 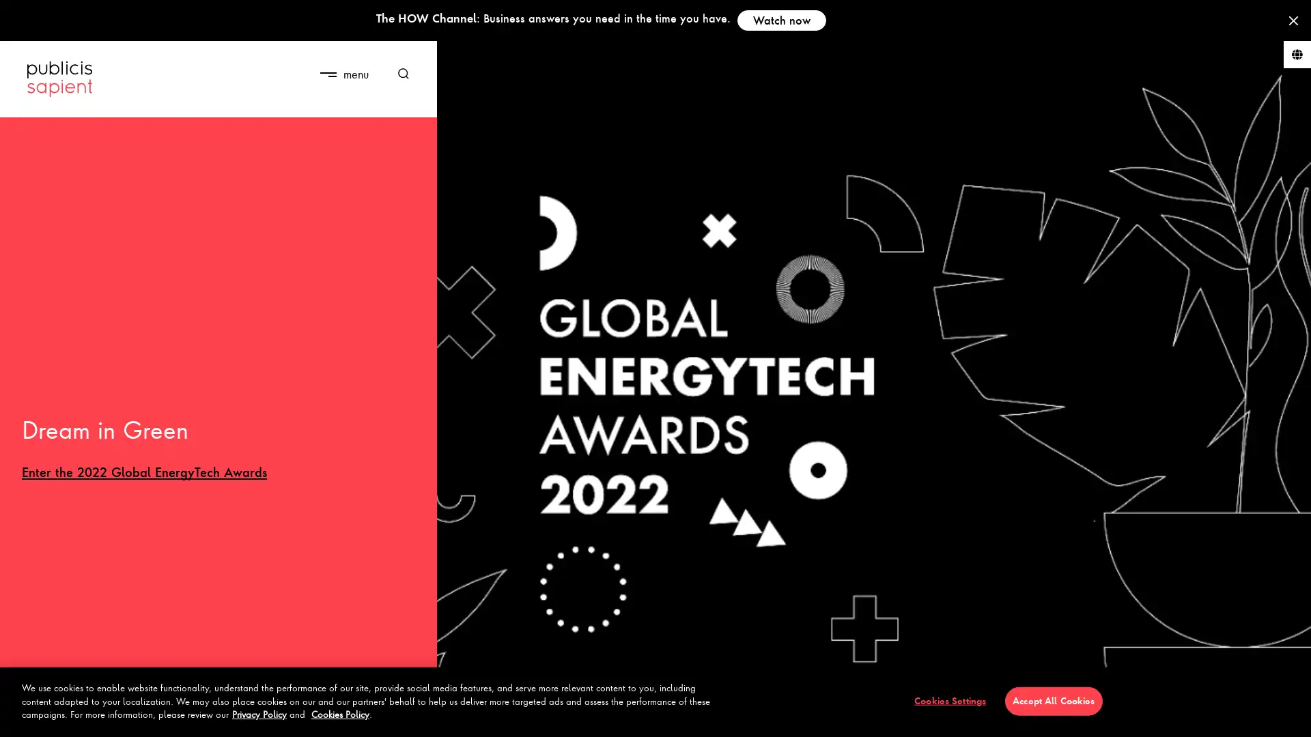 I want to click on Display Slide 7, so click(x=160, y=718).